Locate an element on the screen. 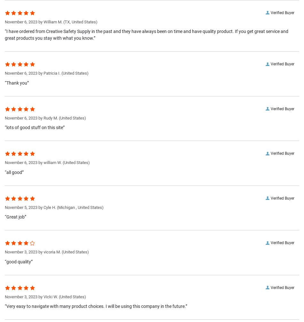  '“Great job”' is located at coordinates (15, 217).